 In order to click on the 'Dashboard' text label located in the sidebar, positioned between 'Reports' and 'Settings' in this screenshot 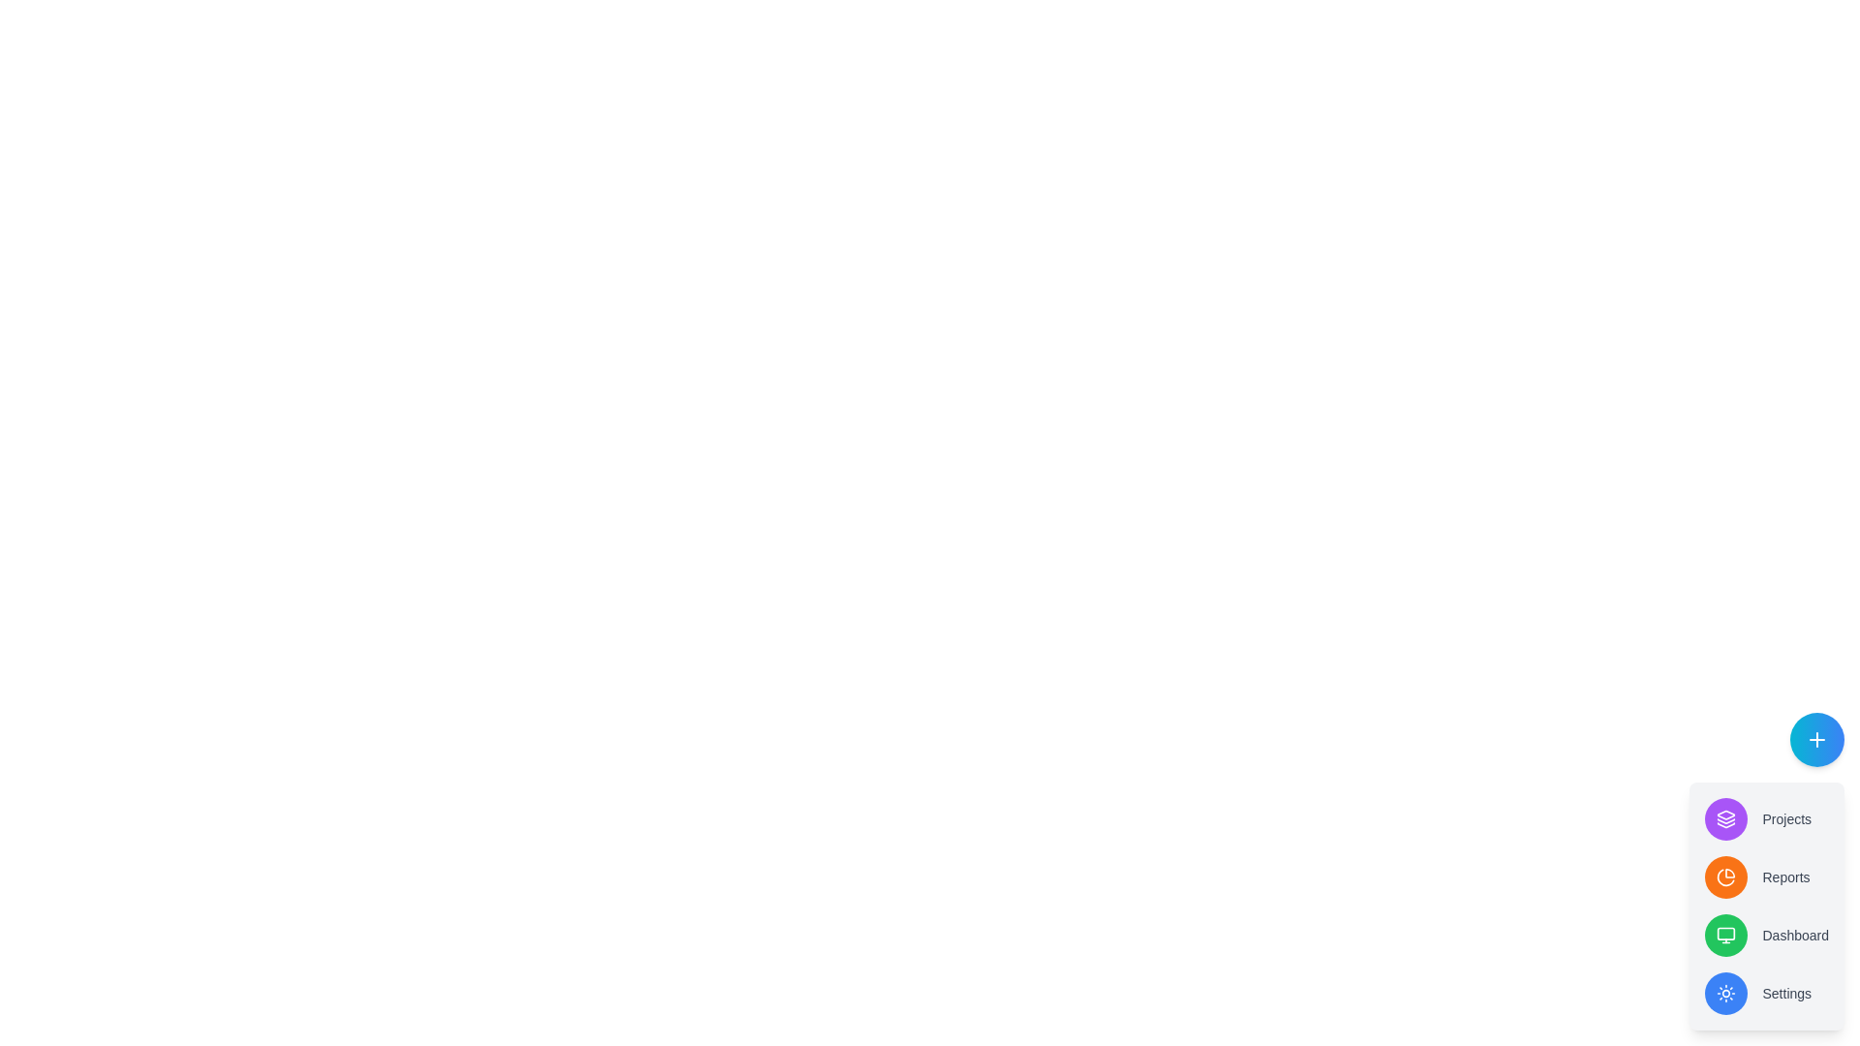, I will do `click(1794, 934)`.